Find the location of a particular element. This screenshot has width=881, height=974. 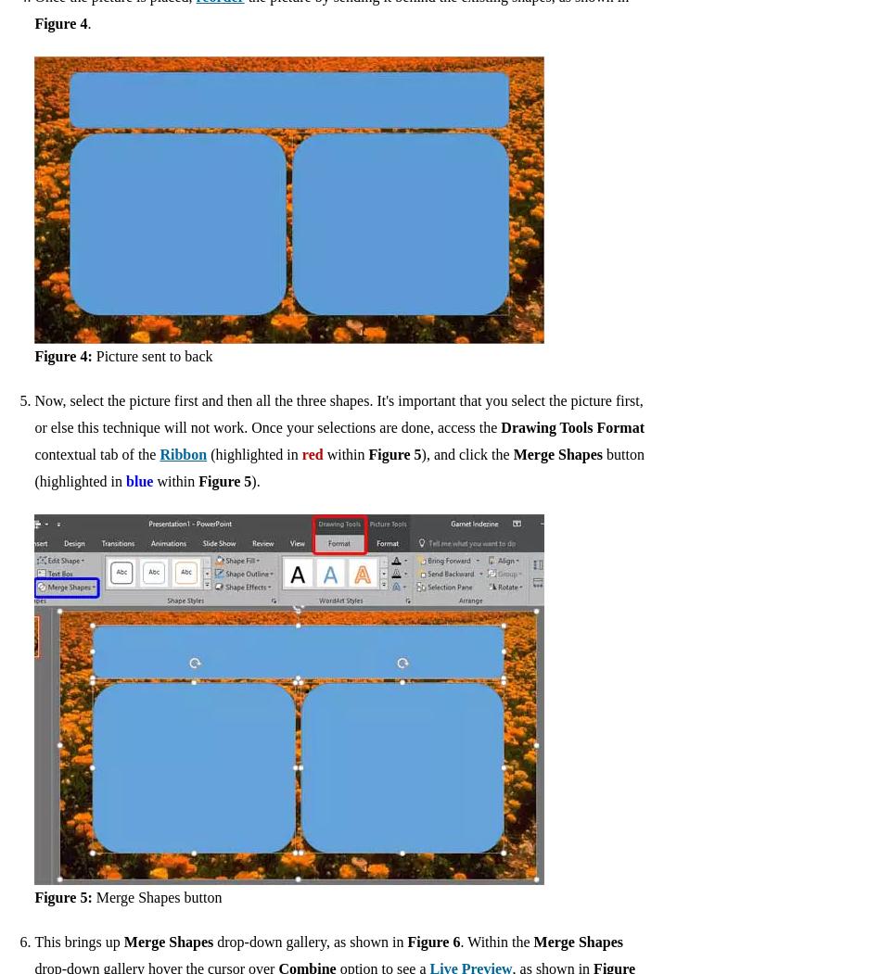

'red' is located at coordinates (311, 454).